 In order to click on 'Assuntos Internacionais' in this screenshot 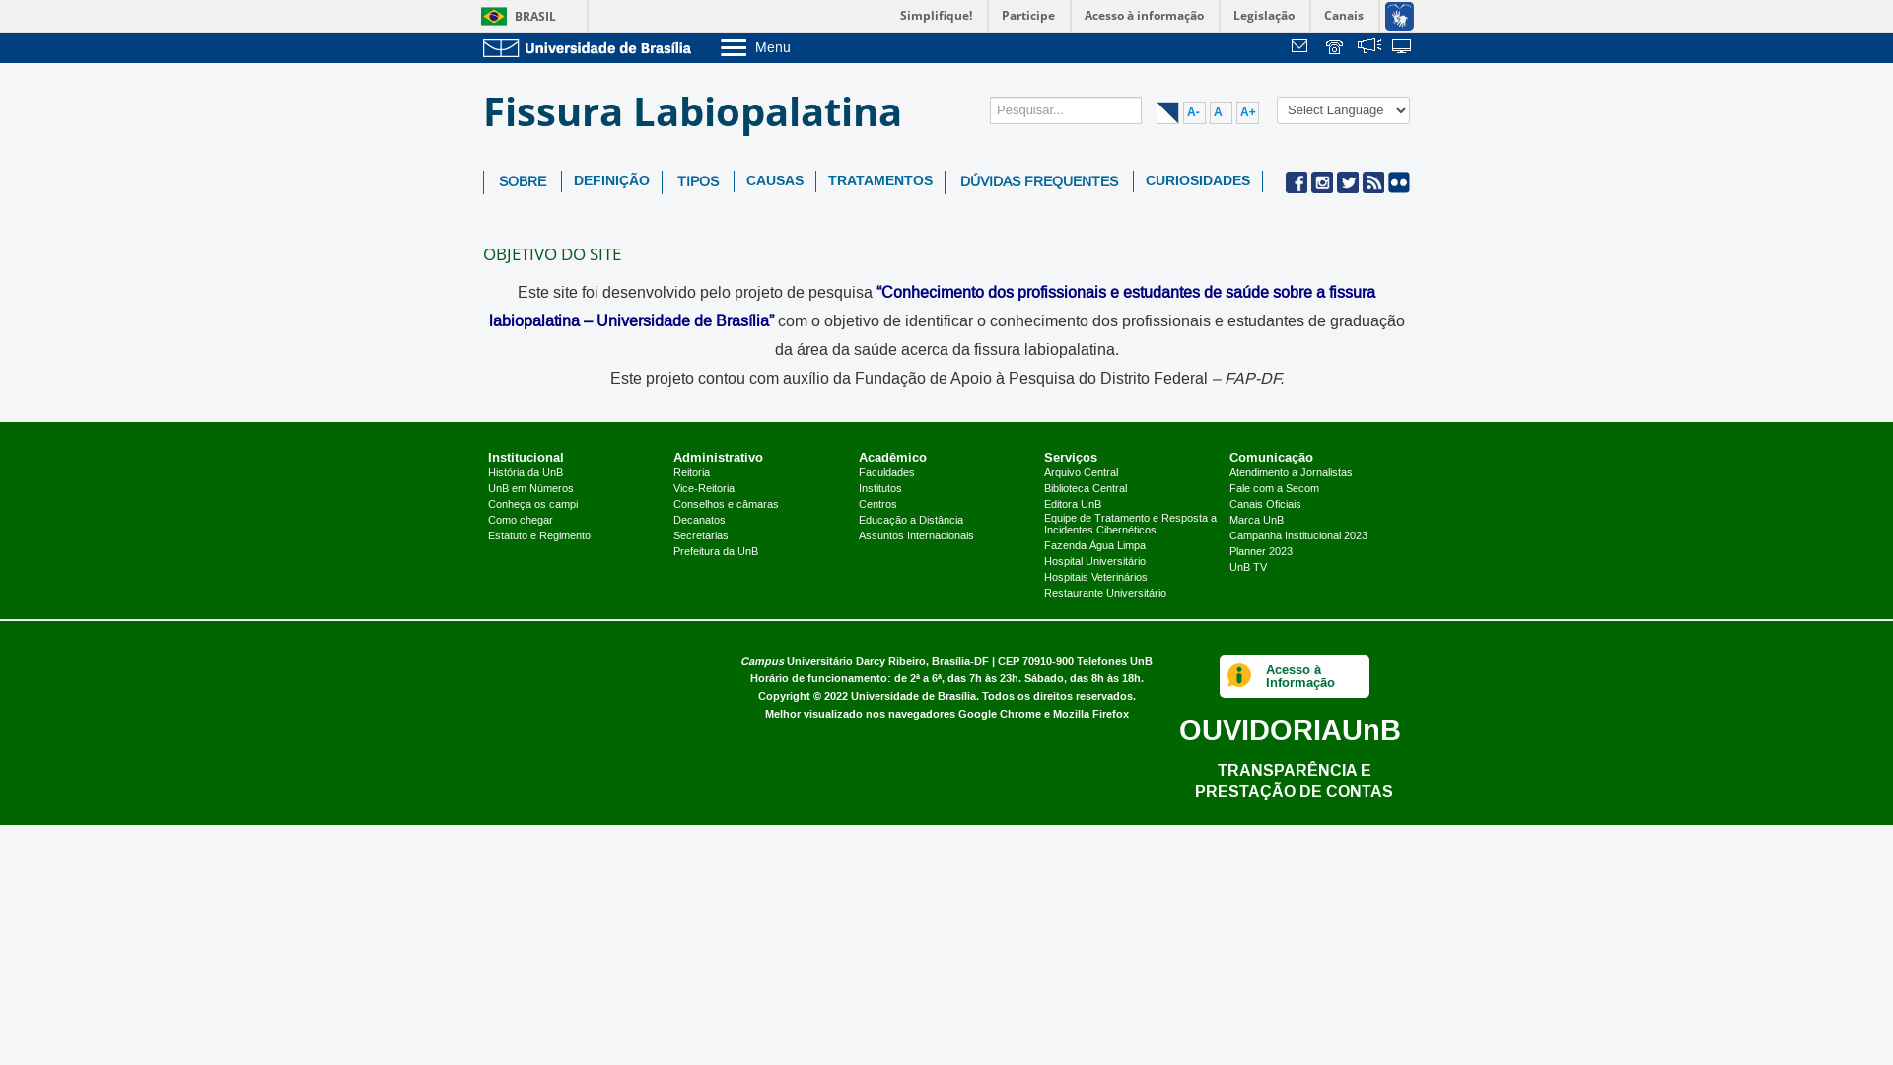, I will do `click(915, 535)`.